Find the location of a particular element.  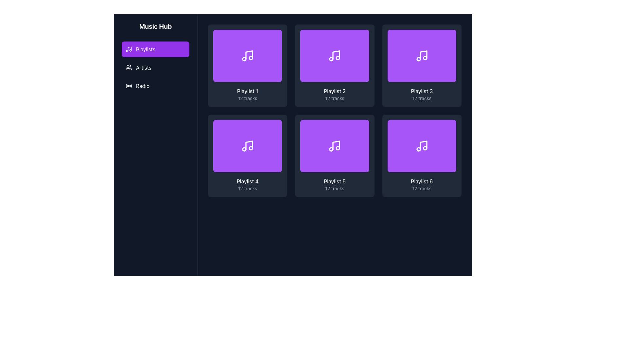

text element displaying 'Playlist 1' located in the first column and first row of the playlist card grid is located at coordinates (247, 91).